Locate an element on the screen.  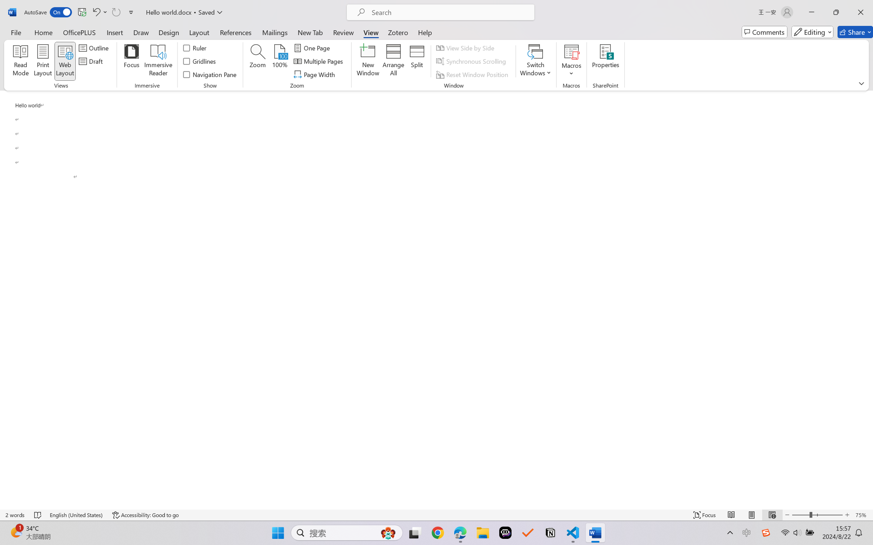
'AutomationID: BadgeAnchorLargeTicker' is located at coordinates (16, 532).